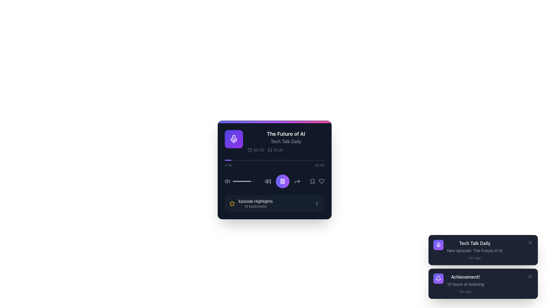  I want to click on the bookmark icon located in the control bar, which is styled gray and turns purple on hover, to bookmark content, so click(312, 181).